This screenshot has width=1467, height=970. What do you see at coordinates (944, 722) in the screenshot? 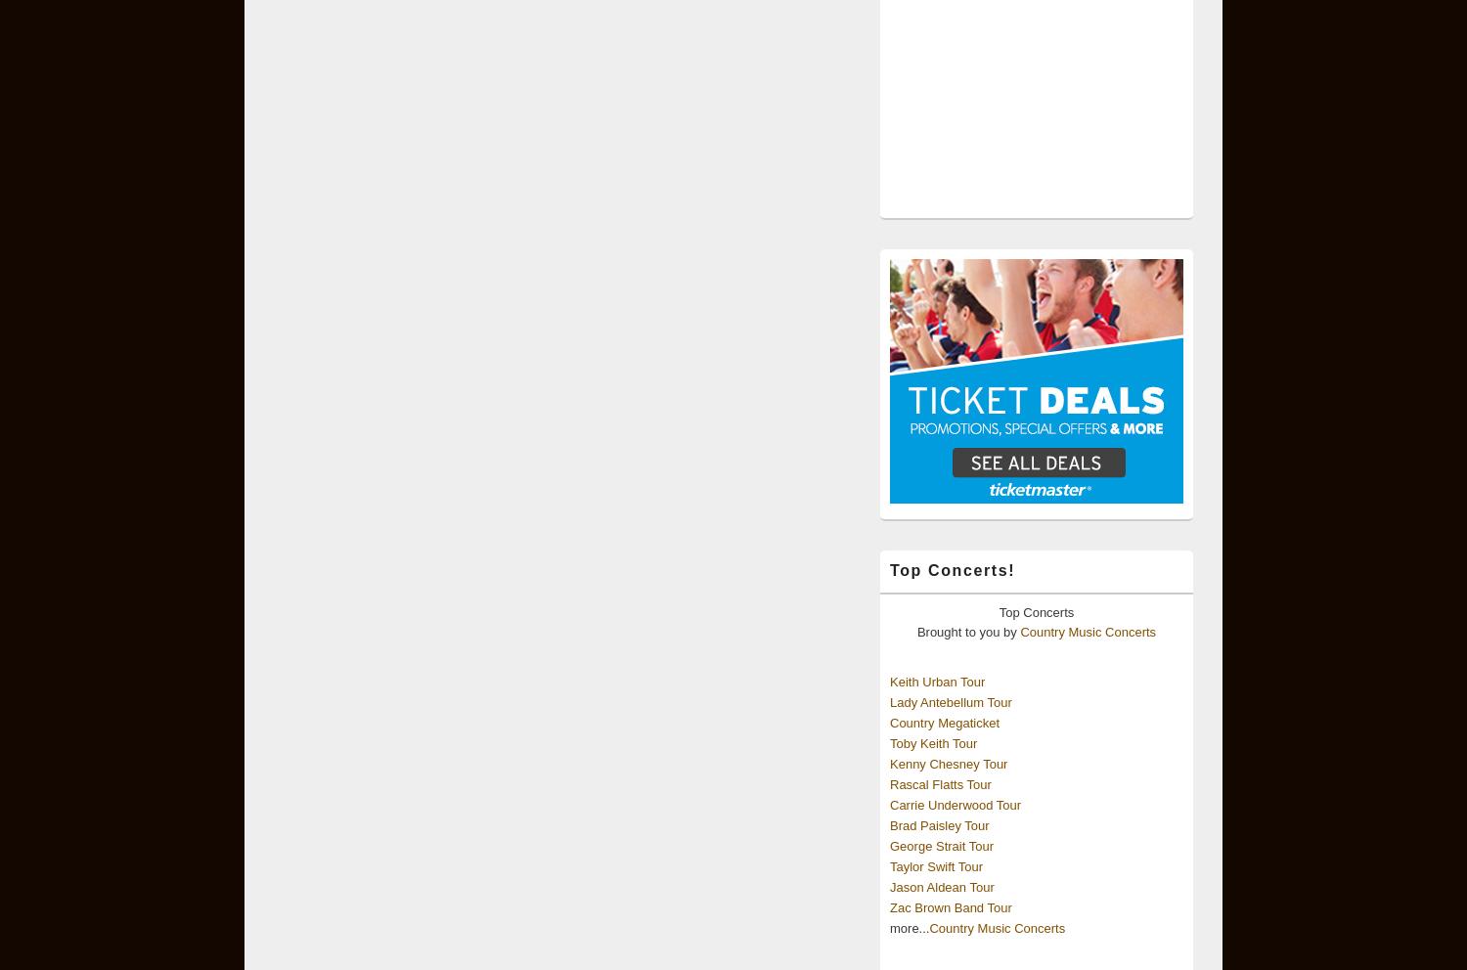
I see `'Country Megaticket'` at bounding box center [944, 722].